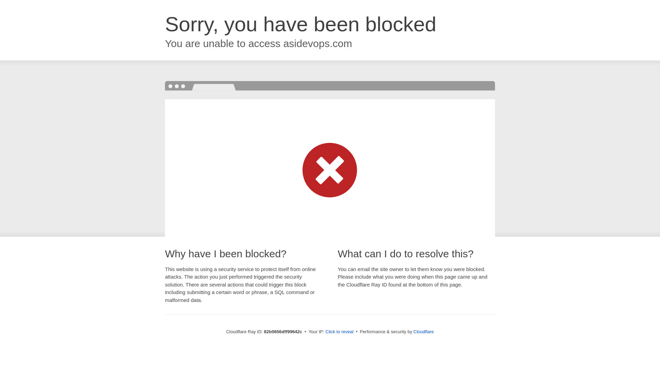 This screenshot has width=660, height=371. I want to click on 'Click to reveal', so click(325, 331).